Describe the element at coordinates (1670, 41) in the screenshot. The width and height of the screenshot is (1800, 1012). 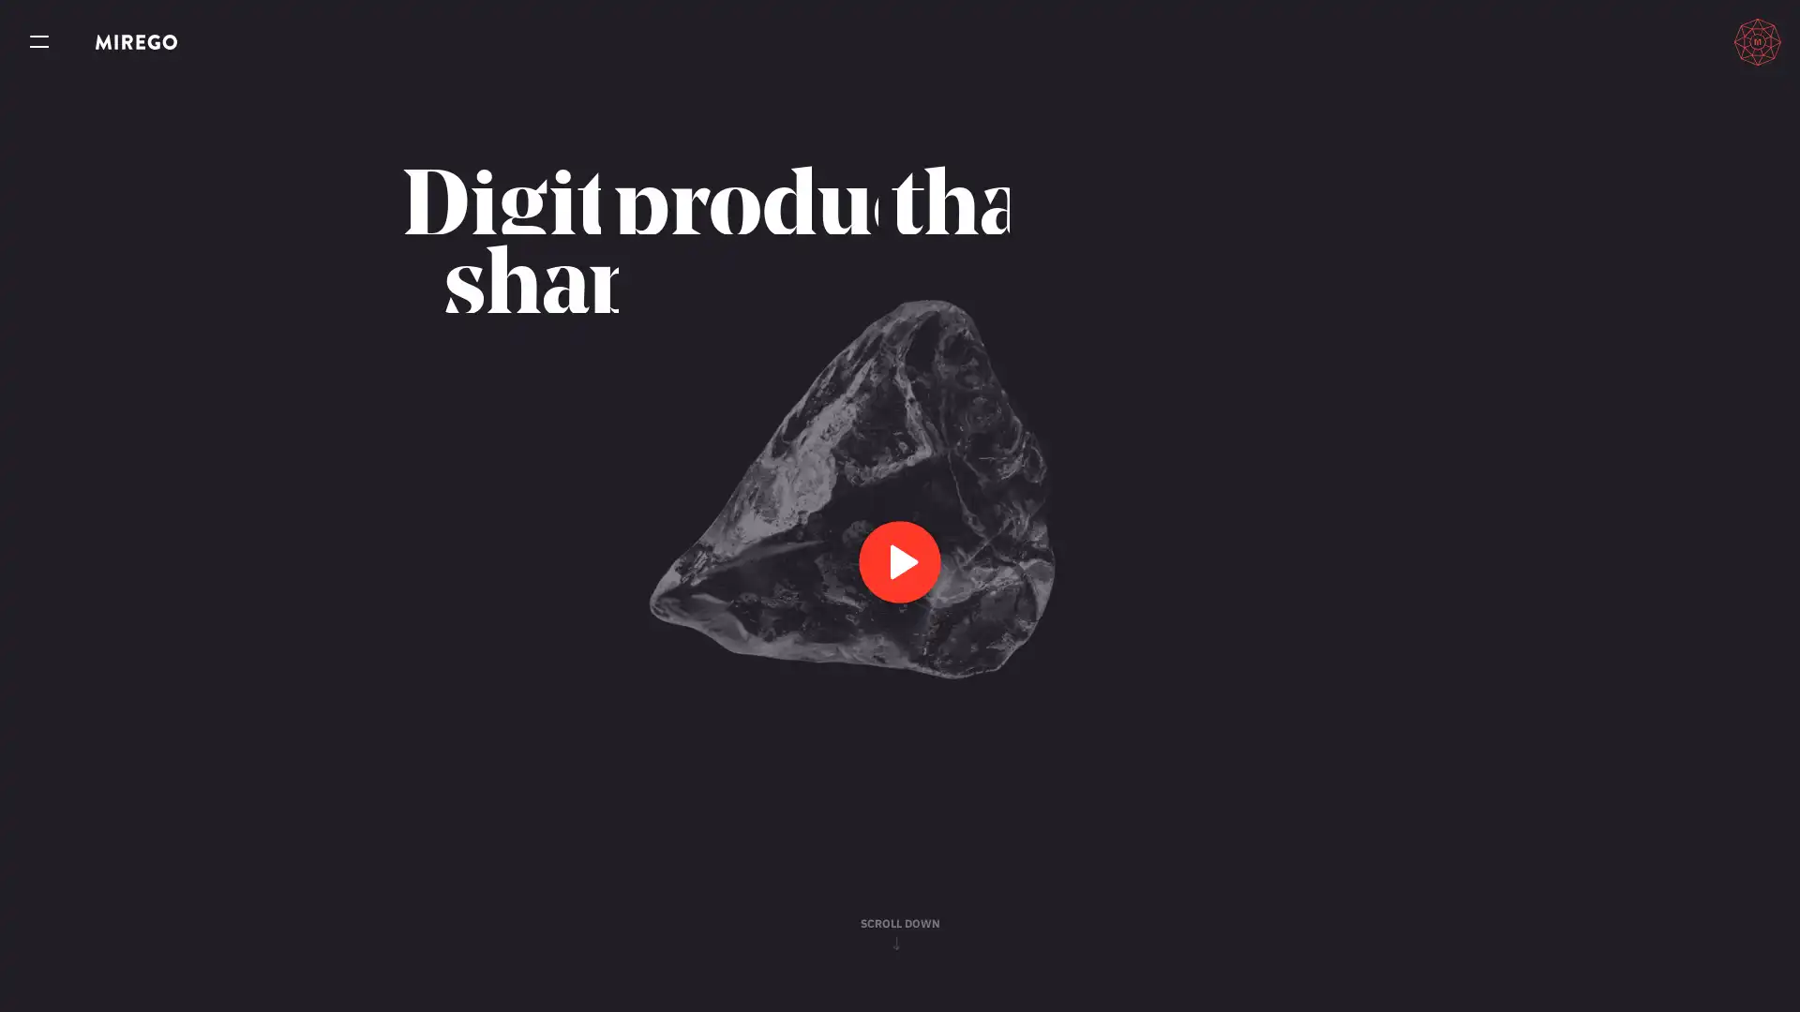
I see `Passer a la version francaise` at that location.